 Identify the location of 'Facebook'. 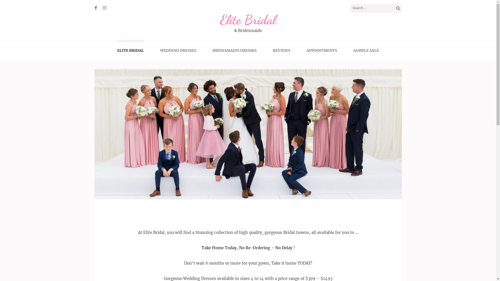
(95, 8).